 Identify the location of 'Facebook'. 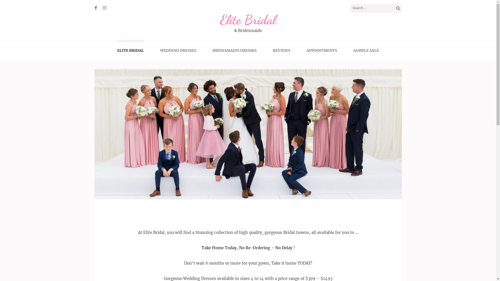
(95, 8).